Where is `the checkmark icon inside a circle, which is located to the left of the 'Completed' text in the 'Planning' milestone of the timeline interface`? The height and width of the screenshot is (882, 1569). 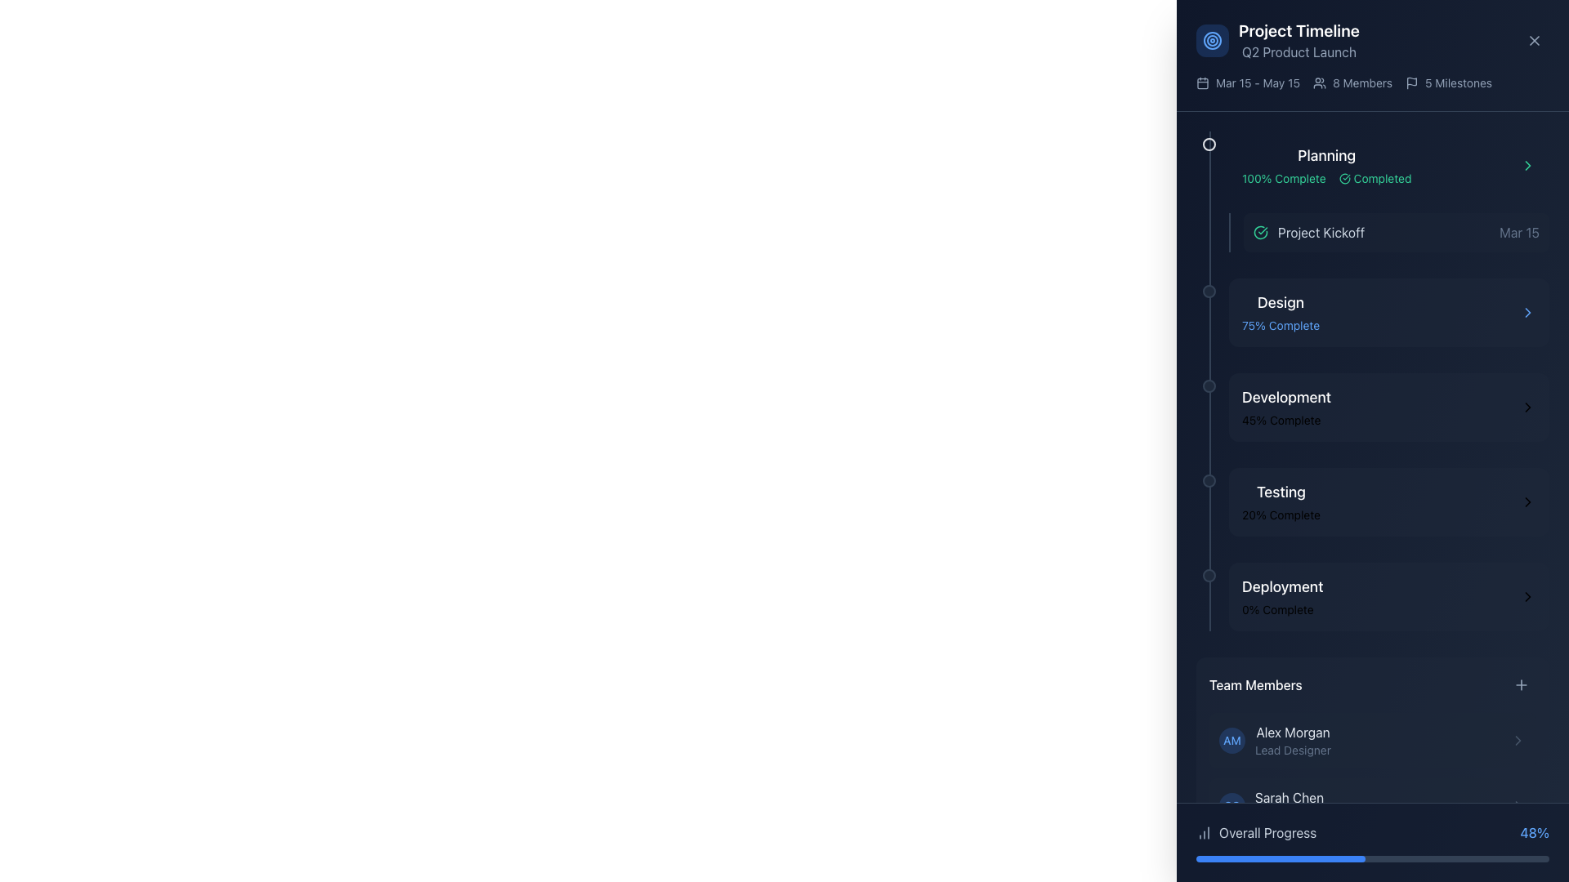
the checkmark icon inside a circle, which is located to the left of the 'Completed' text in the 'Planning' milestone of the timeline interface is located at coordinates (1344, 179).